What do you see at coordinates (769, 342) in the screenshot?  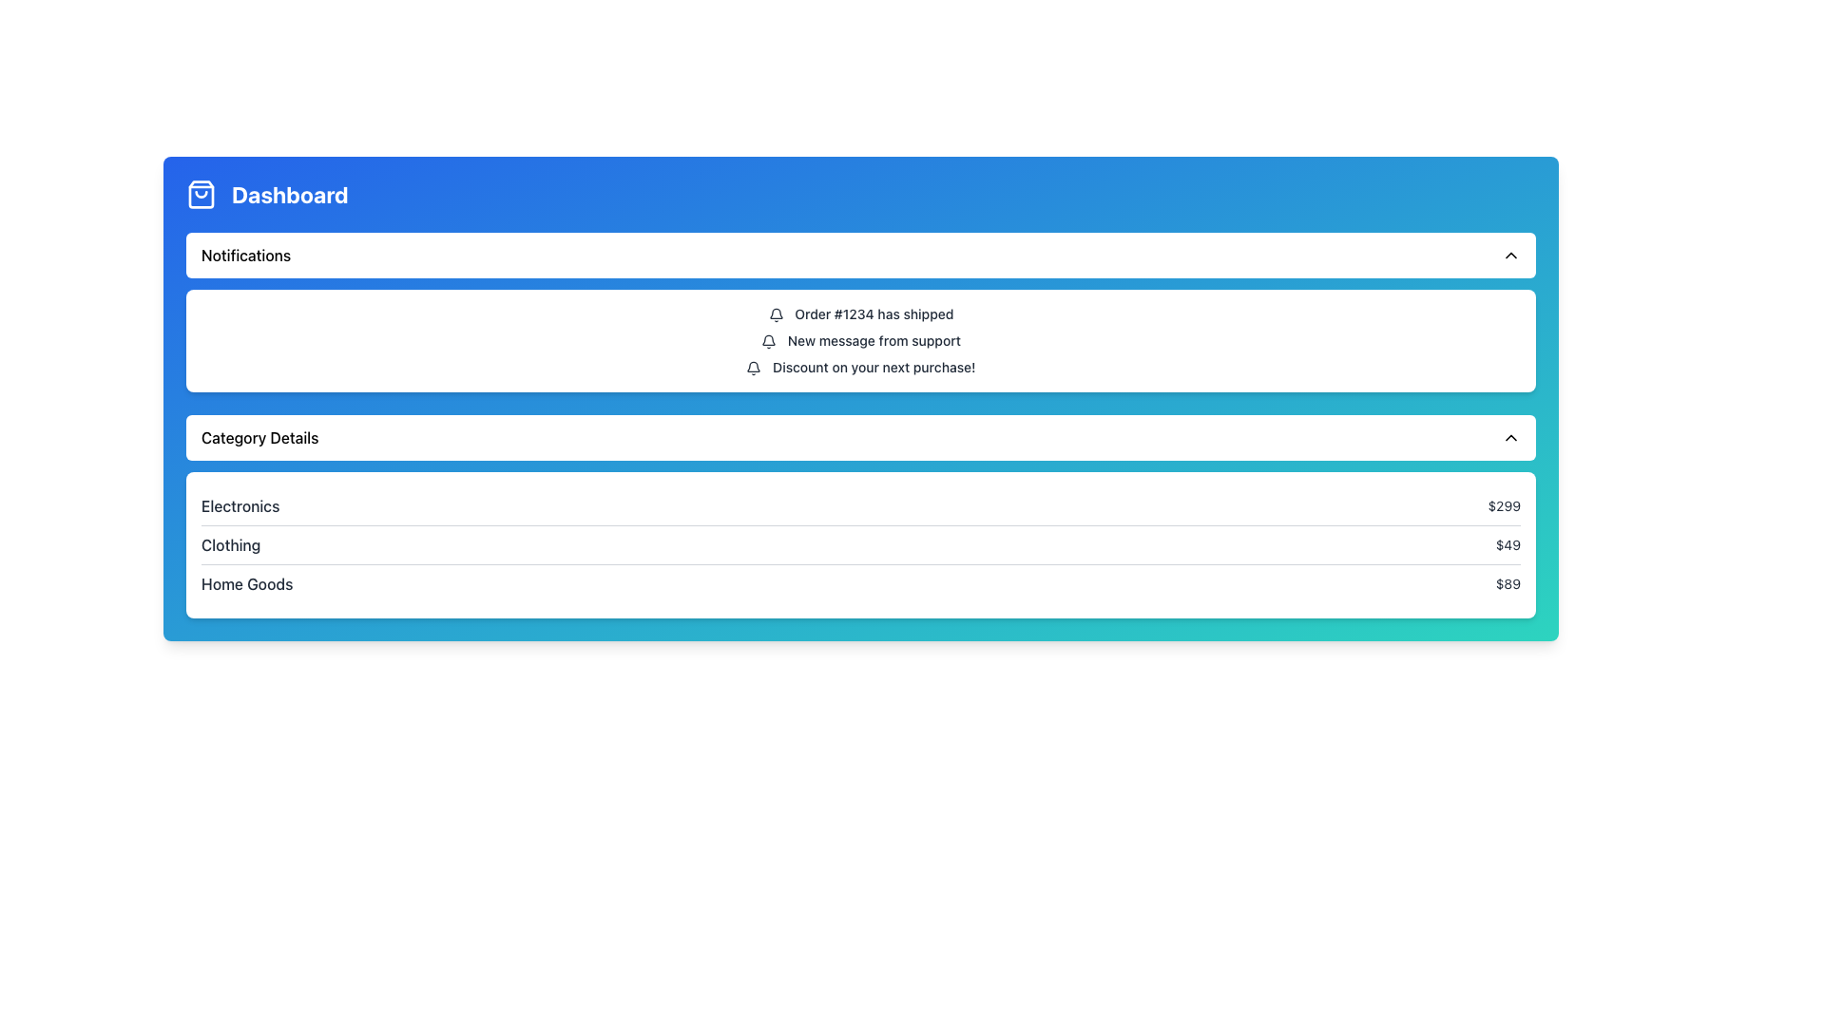 I see `the Bell Notification Indicator icon located to the left of the notification message 'New message from support.'` at bounding box center [769, 342].